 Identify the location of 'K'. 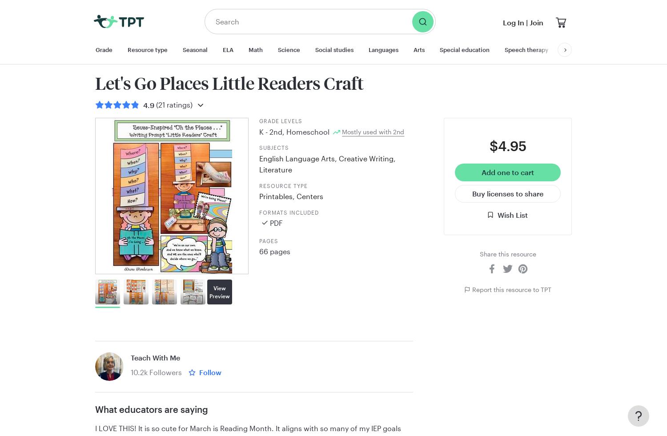
(259, 131).